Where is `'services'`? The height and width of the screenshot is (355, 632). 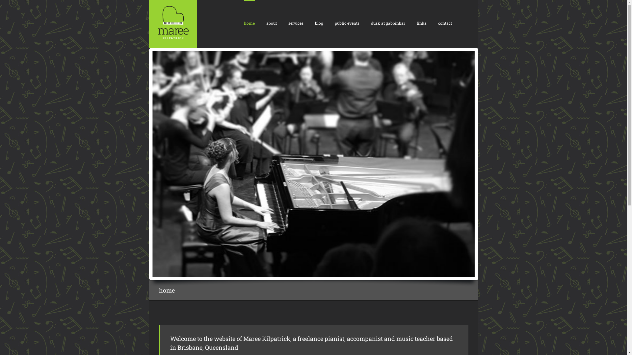
'services' is located at coordinates (288, 22).